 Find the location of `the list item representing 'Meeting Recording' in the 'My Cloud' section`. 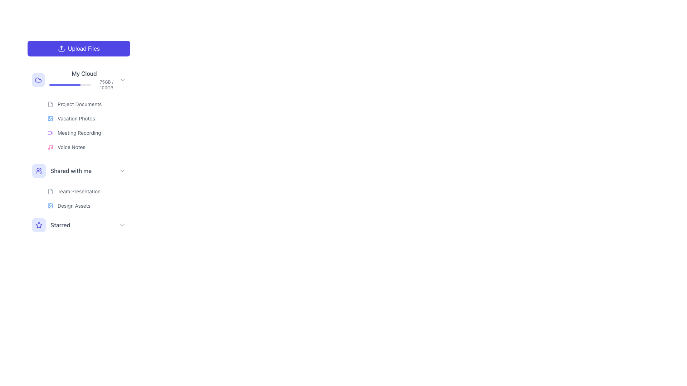

the list item representing 'Meeting Recording' in the 'My Cloud' section is located at coordinates (87, 133).